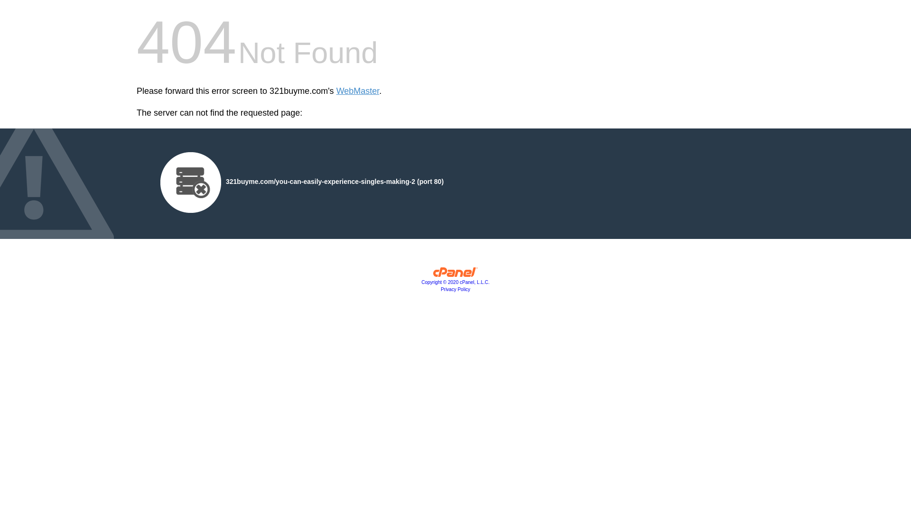 This screenshot has width=911, height=512. I want to click on 'WebMaster', so click(357, 91).